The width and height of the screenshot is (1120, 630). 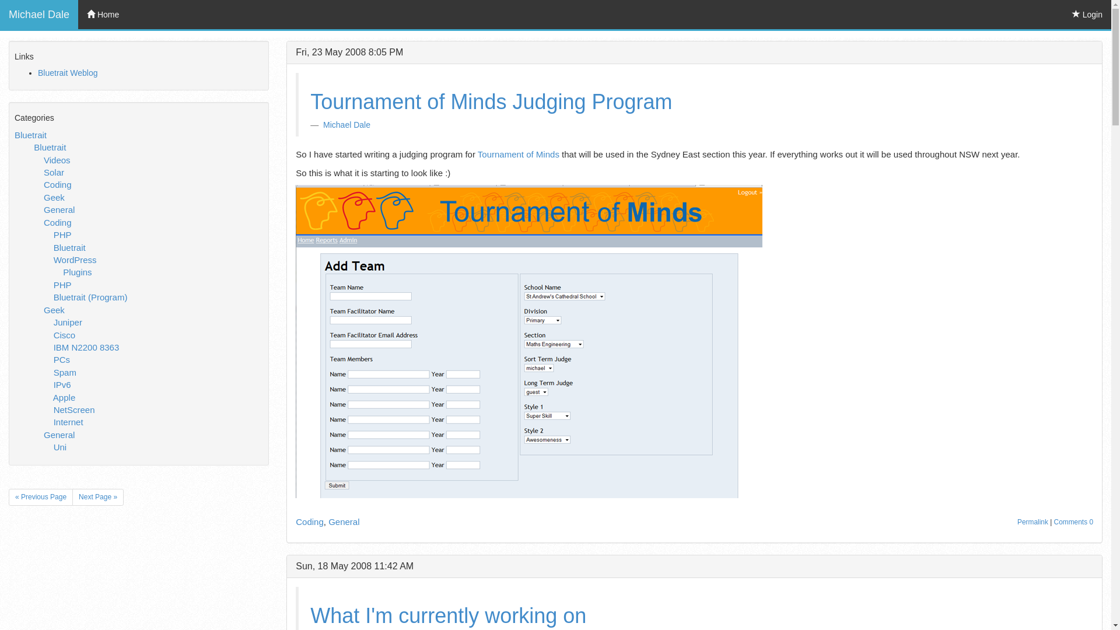 I want to click on 'Uni', so click(x=60, y=446).